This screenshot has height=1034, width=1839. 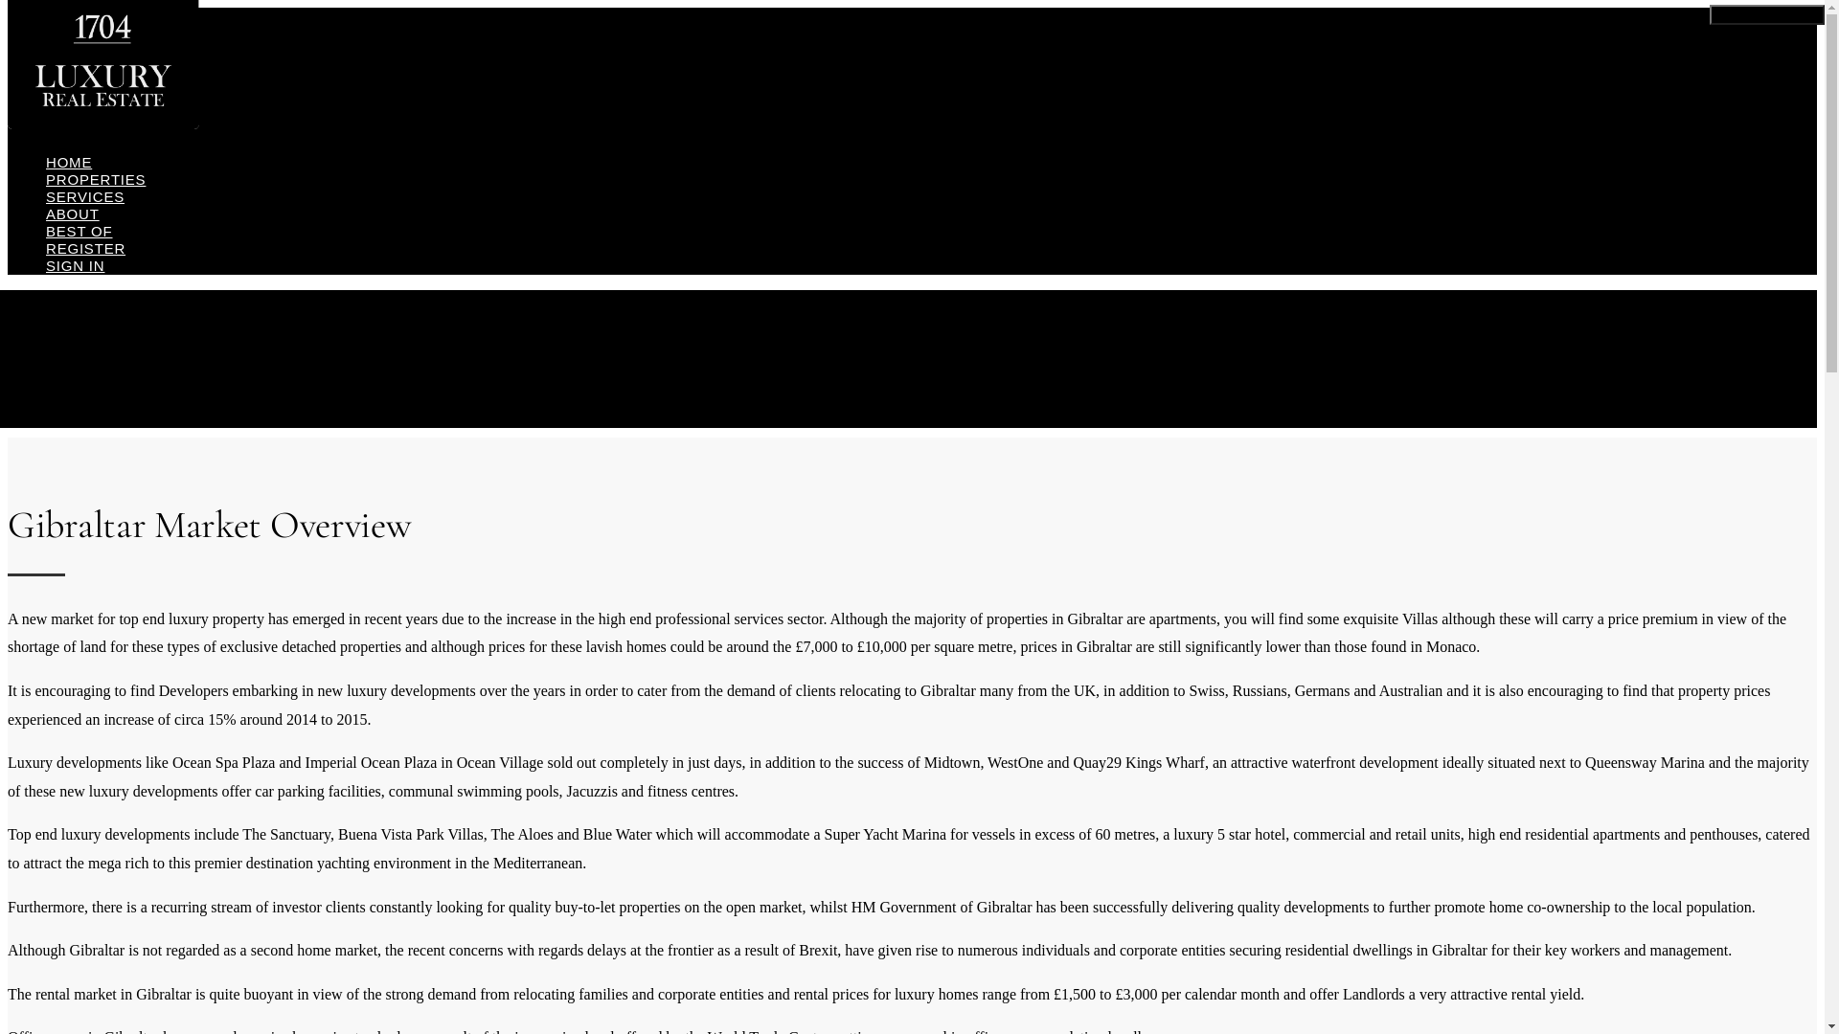 What do you see at coordinates (84, 196) in the screenshot?
I see `'SERVICES'` at bounding box center [84, 196].